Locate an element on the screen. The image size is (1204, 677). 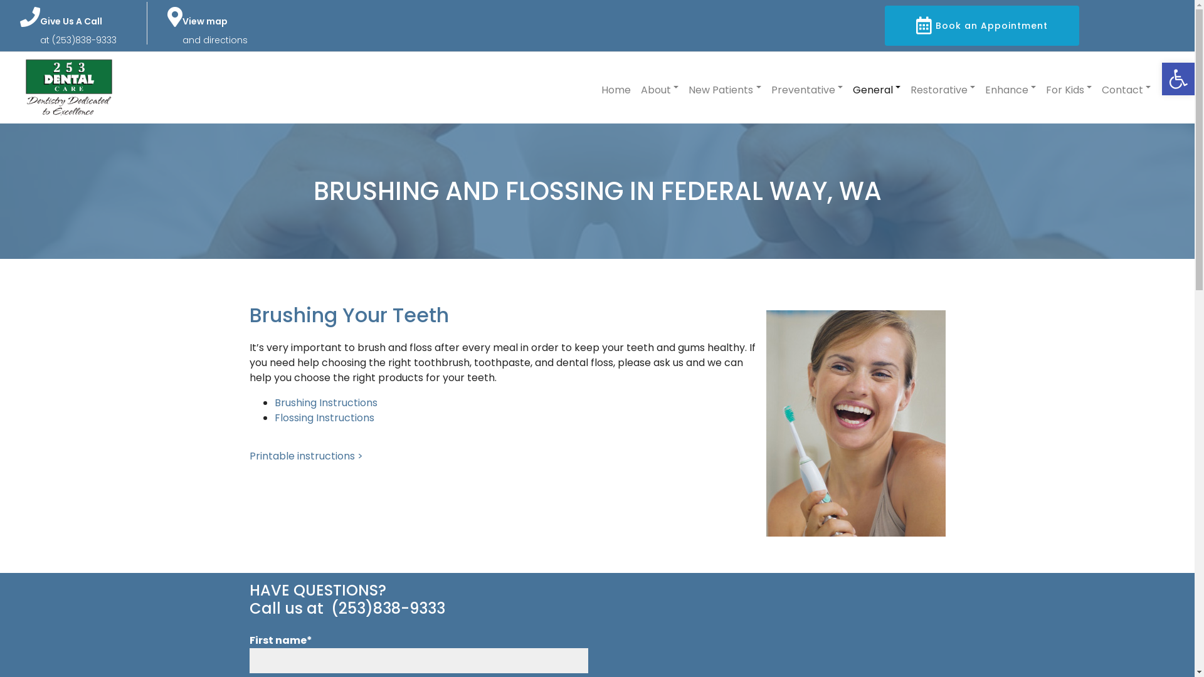
'Home' is located at coordinates (616, 87).